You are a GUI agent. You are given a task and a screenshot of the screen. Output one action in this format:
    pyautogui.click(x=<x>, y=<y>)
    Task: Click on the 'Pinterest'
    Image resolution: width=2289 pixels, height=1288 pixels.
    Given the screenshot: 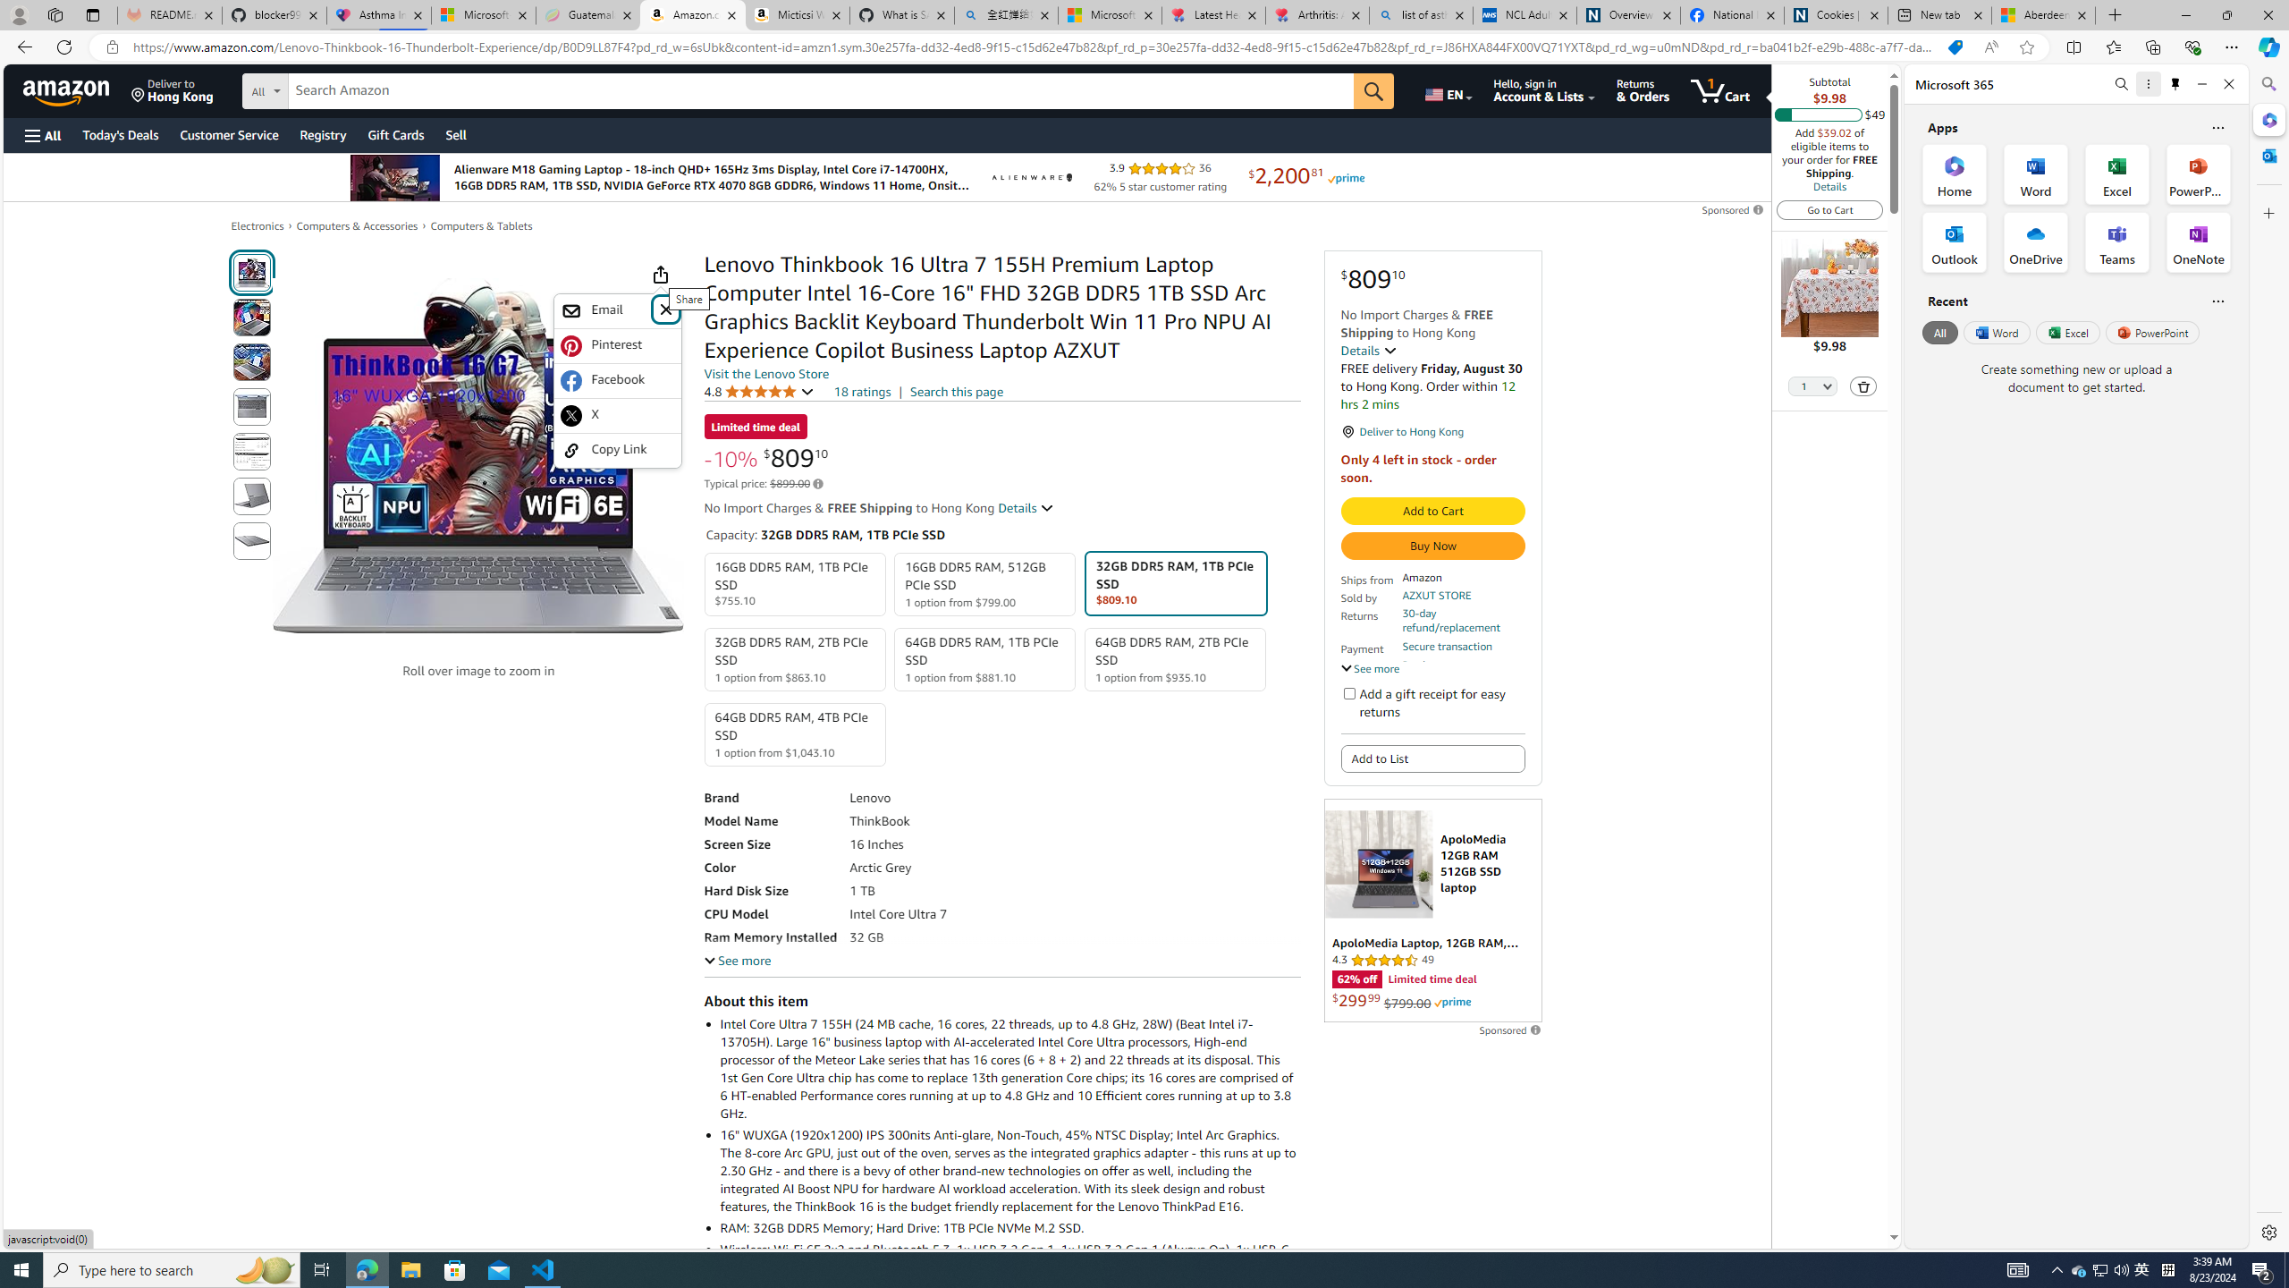 What is the action you would take?
    pyautogui.click(x=617, y=345)
    